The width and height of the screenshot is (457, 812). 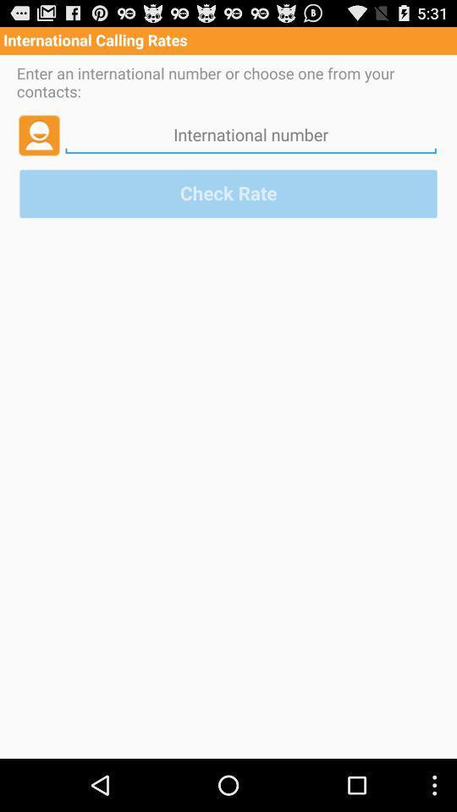 I want to click on the avatar icon, so click(x=39, y=143).